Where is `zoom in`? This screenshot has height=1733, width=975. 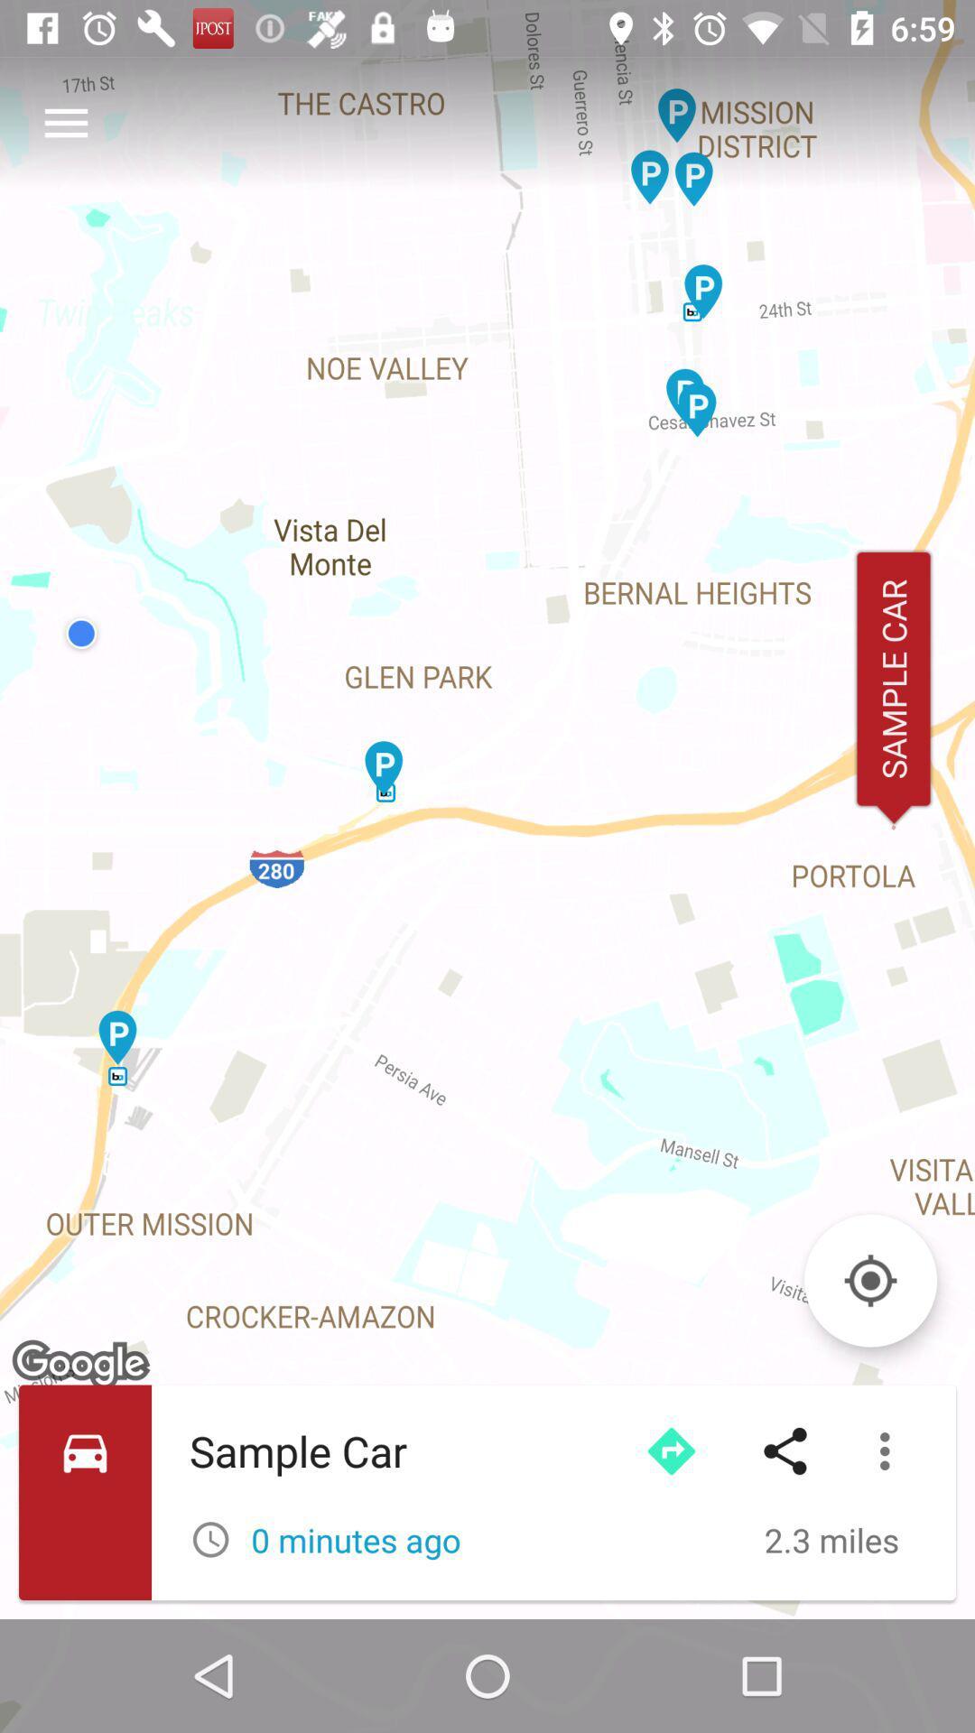
zoom in is located at coordinates (869, 1280).